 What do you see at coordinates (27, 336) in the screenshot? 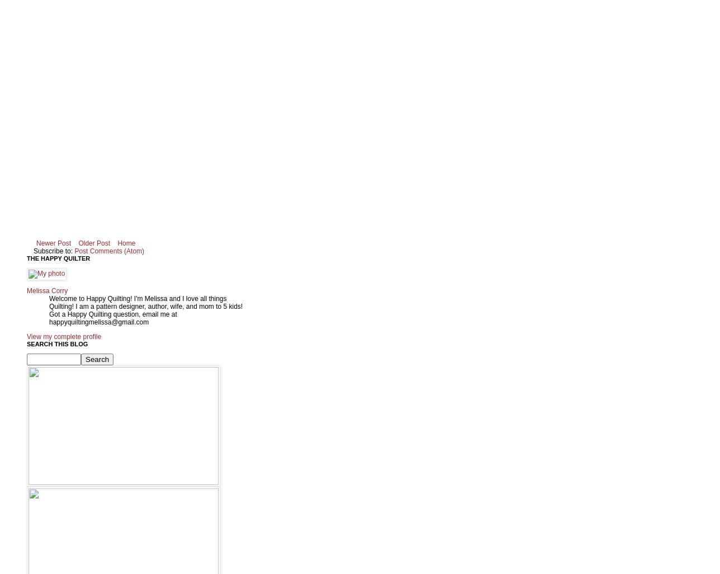
I see `'View my complete profile'` at bounding box center [27, 336].